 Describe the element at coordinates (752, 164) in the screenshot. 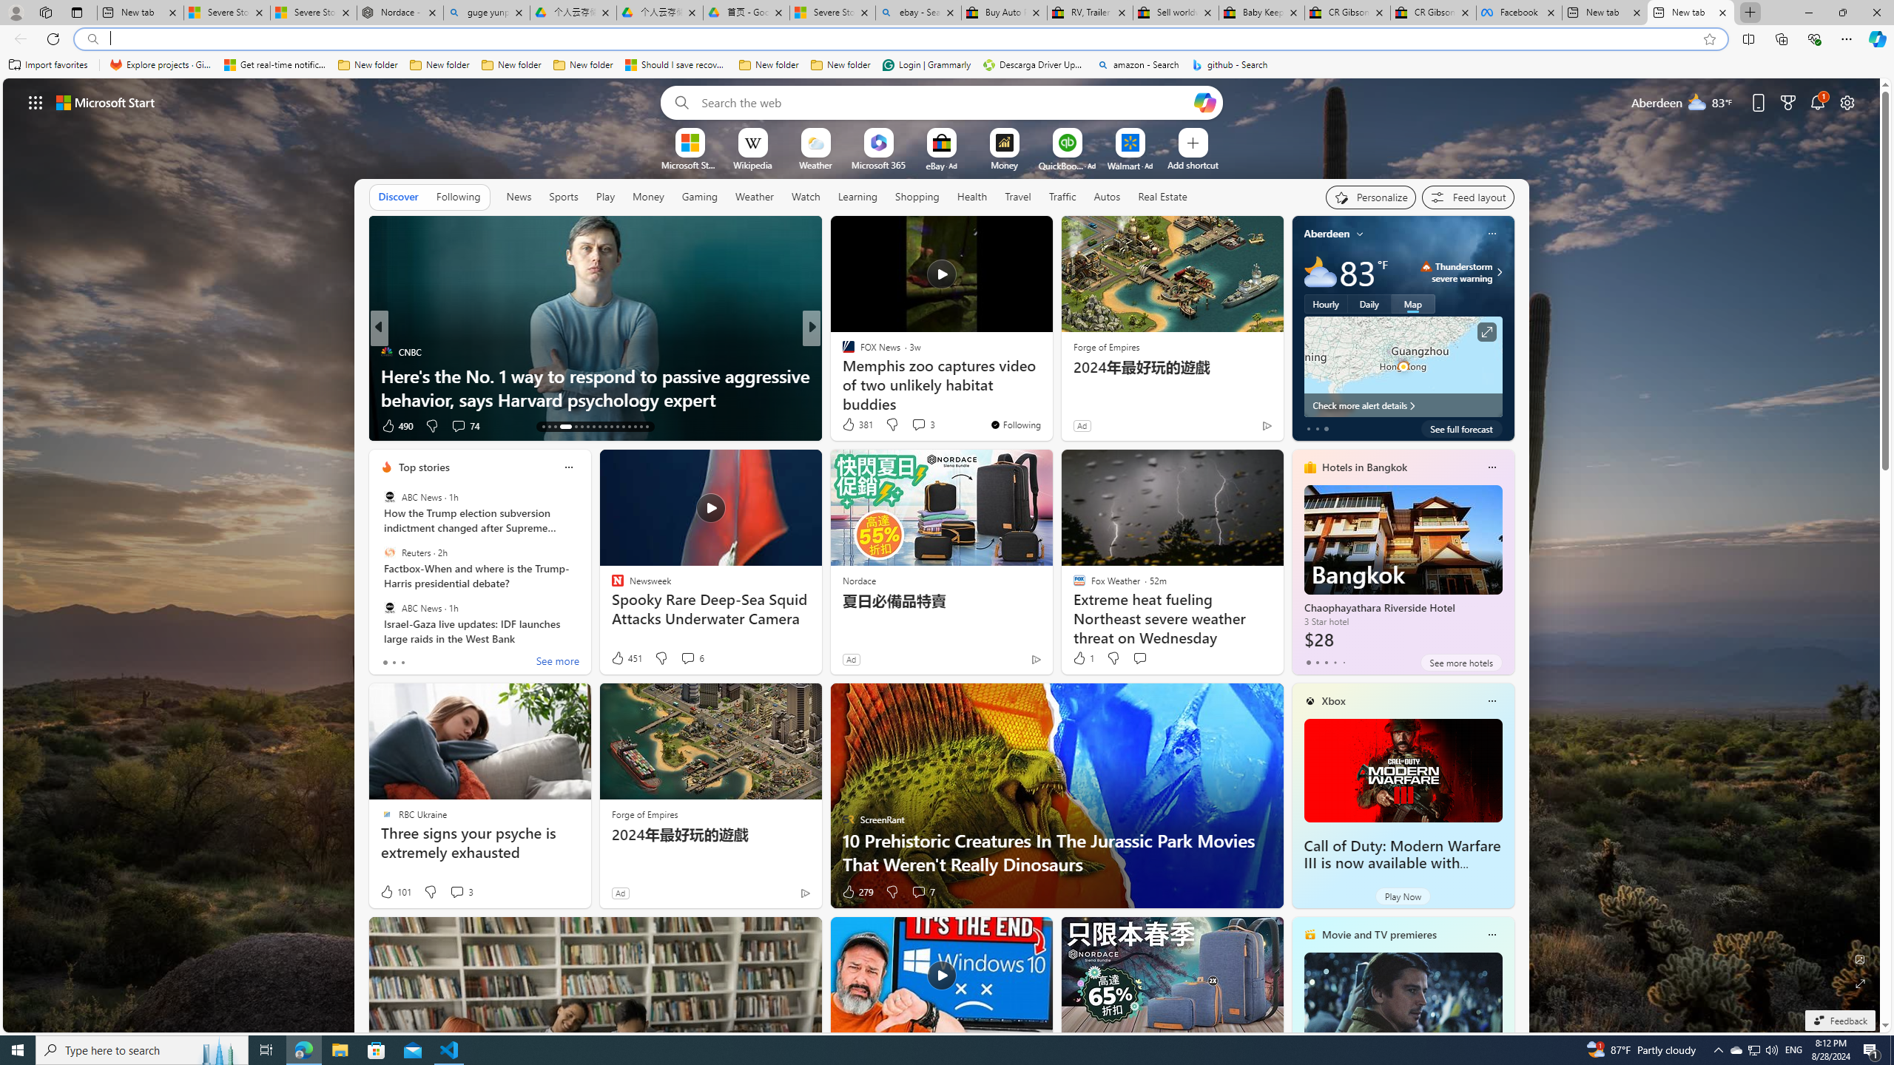

I see `'Wikipedia'` at that location.